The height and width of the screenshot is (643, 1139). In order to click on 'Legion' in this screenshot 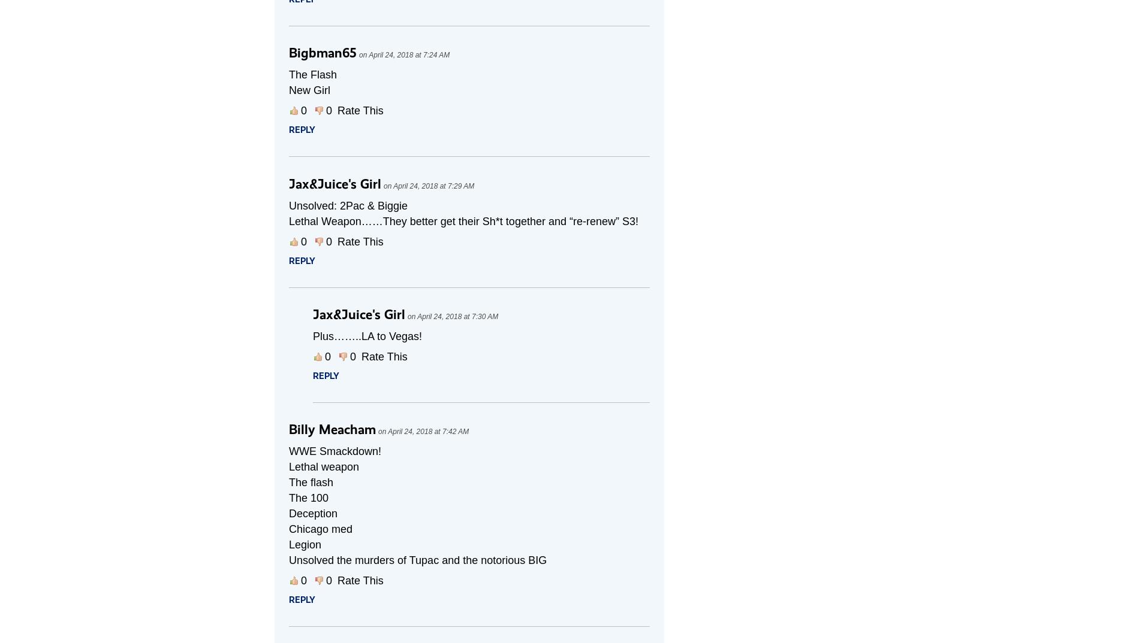, I will do `click(289, 544)`.